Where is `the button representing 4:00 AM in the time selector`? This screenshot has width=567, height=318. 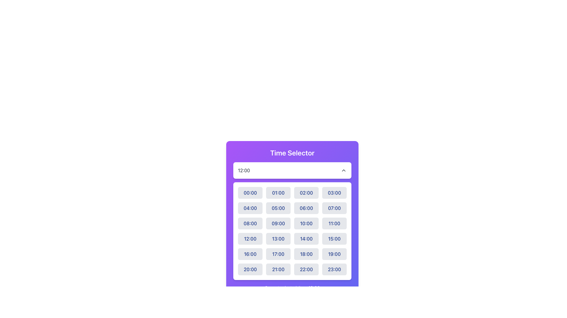 the button representing 4:00 AM in the time selector is located at coordinates (250, 208).